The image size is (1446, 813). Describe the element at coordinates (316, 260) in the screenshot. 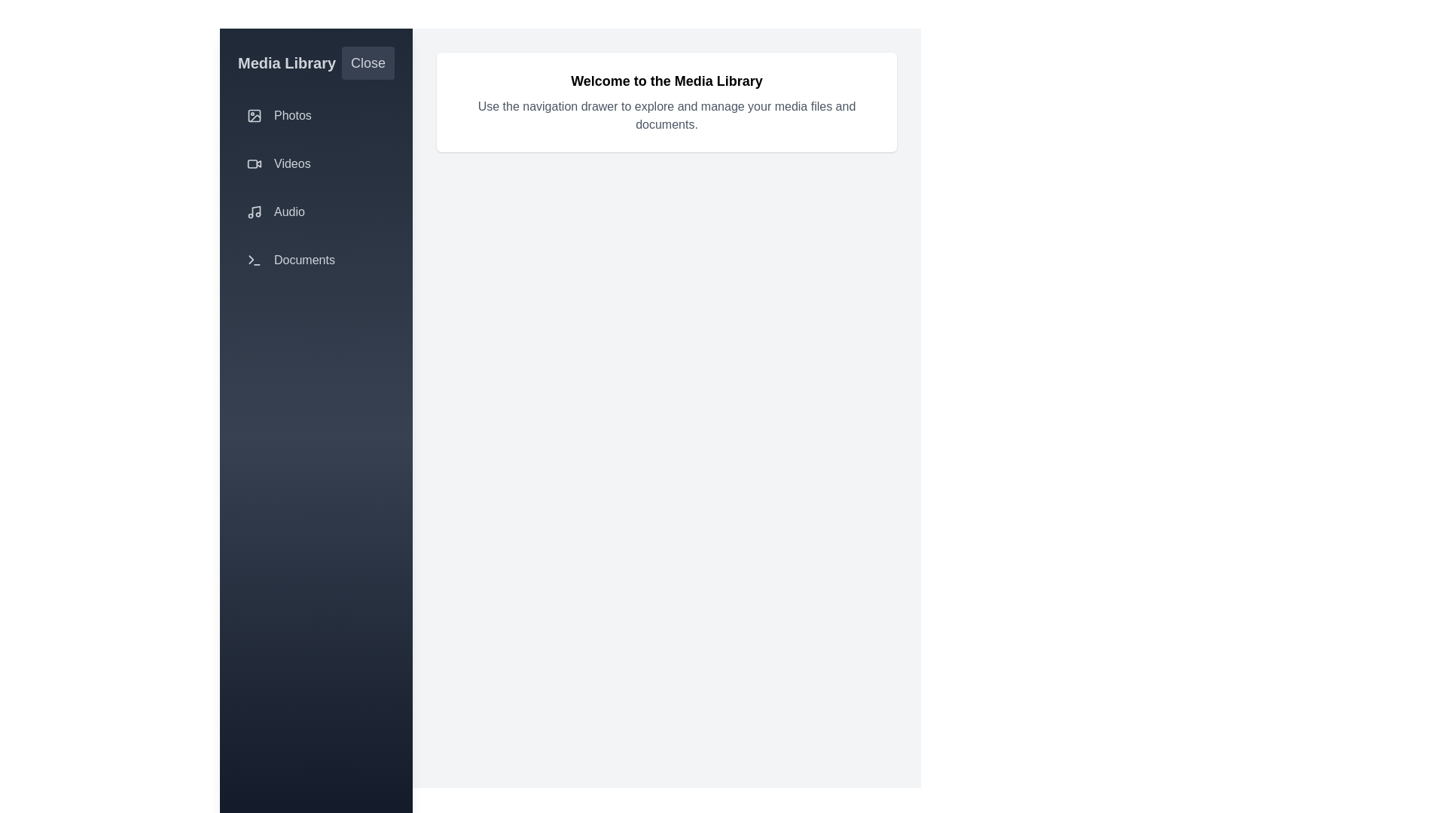

I see `the sidebar options: Documents` at that location.